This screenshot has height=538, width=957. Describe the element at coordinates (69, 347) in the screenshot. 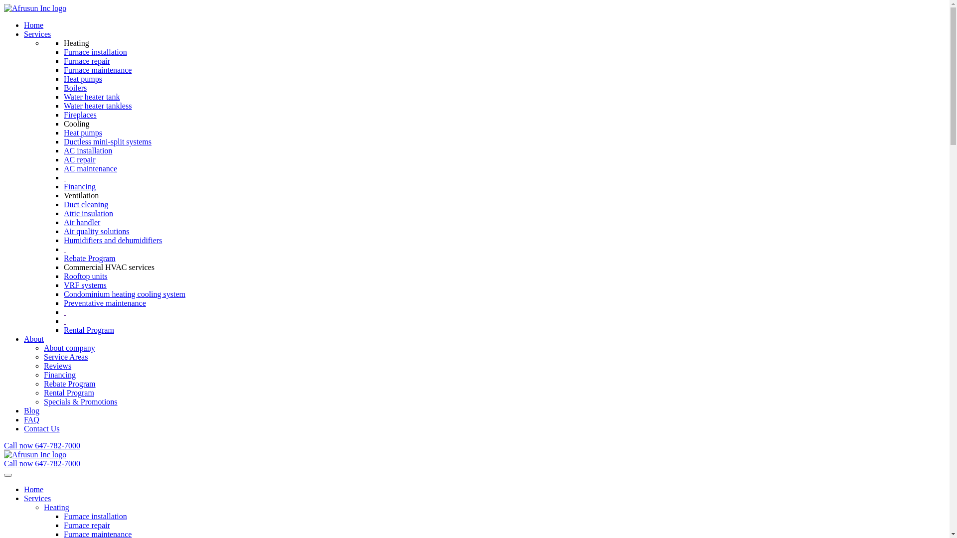

I see `'About company'` at that location.